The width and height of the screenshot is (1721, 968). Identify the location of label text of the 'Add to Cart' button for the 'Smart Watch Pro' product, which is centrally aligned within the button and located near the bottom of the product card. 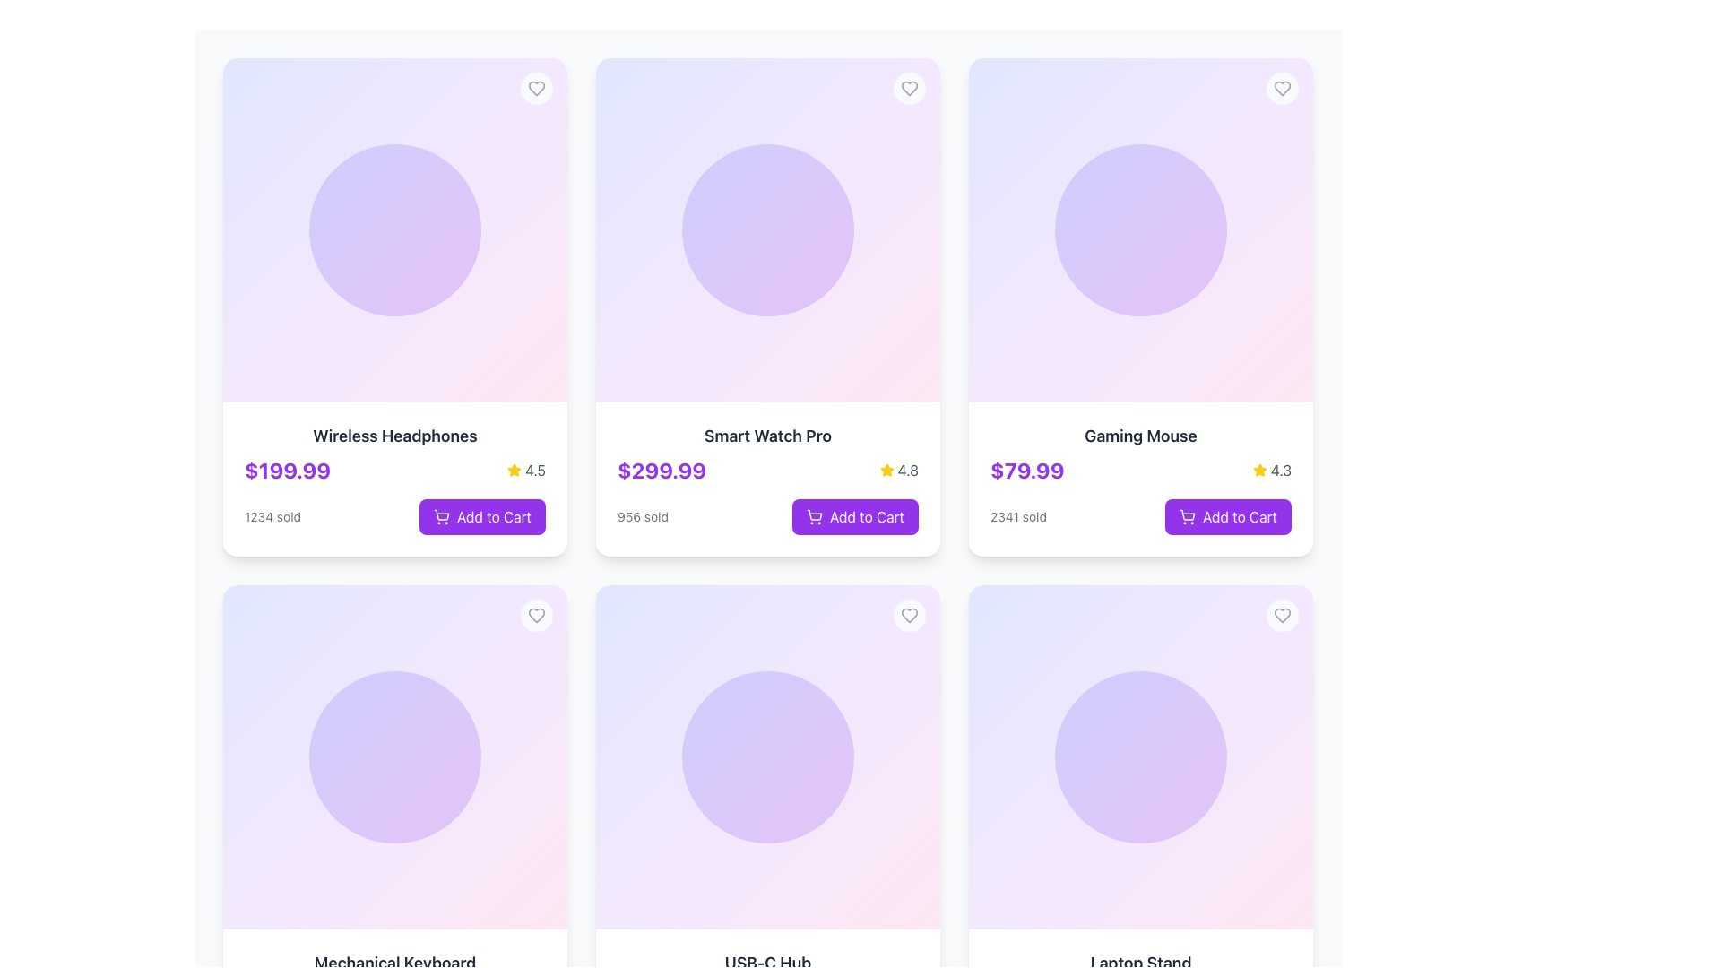
(867, 517).